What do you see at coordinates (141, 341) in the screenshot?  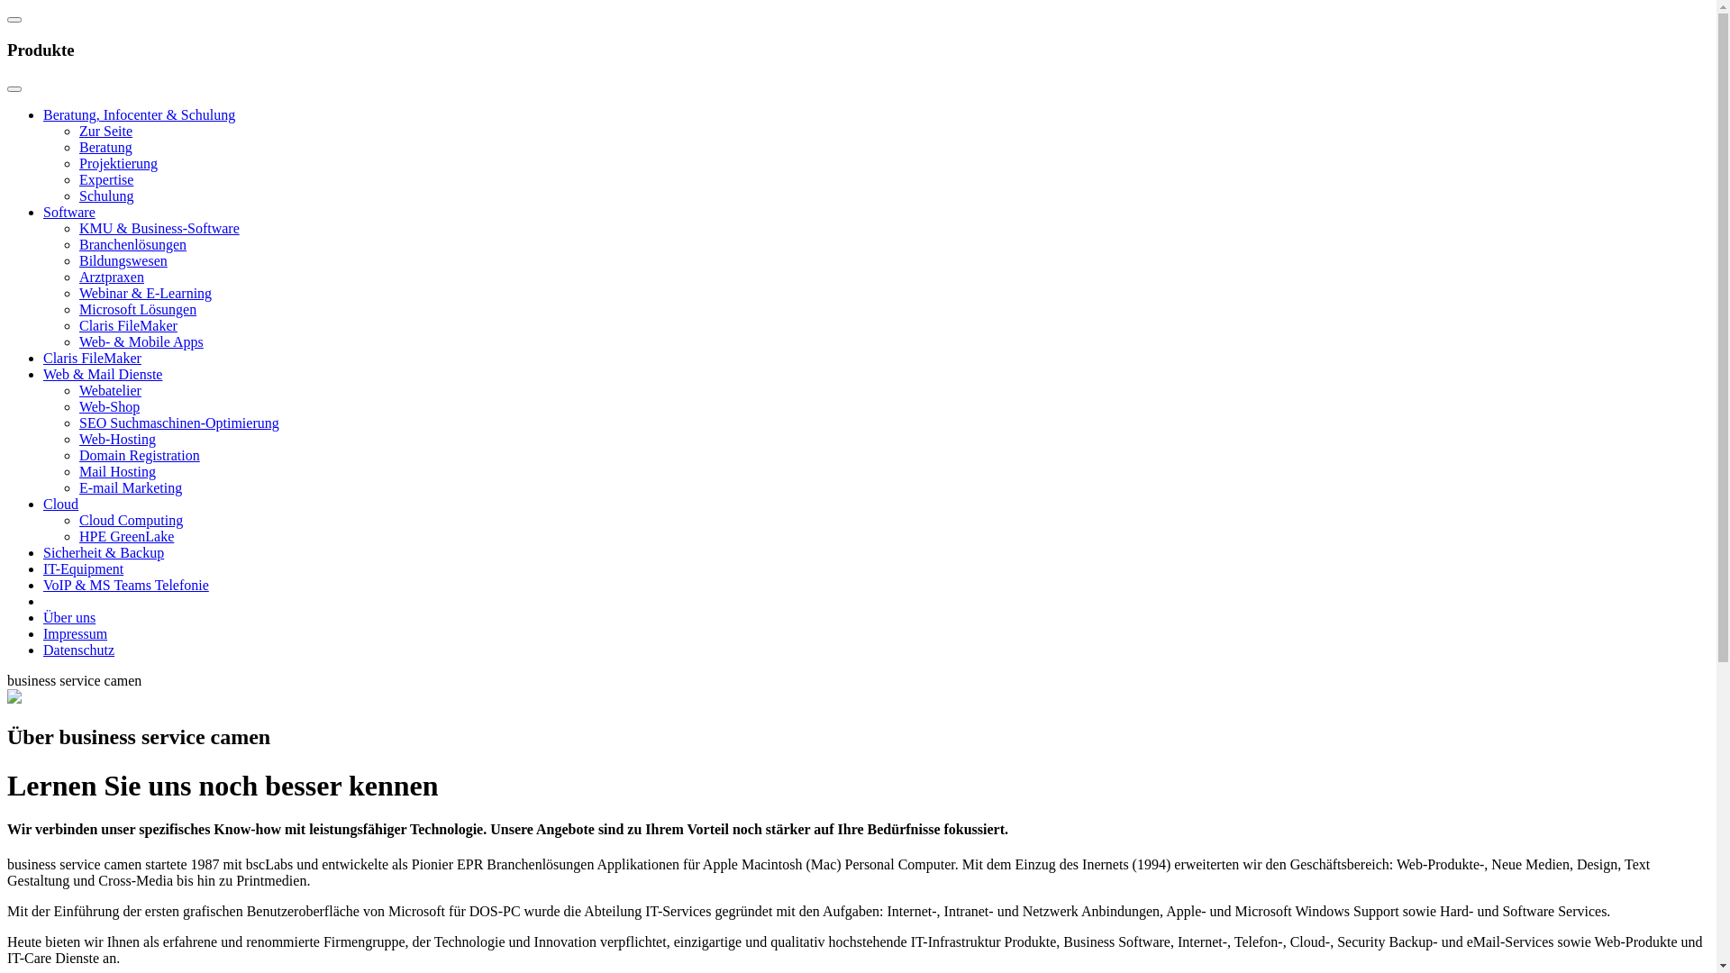 I see `'Web- & Mobile Apps'` at bounding box center [141, 341].